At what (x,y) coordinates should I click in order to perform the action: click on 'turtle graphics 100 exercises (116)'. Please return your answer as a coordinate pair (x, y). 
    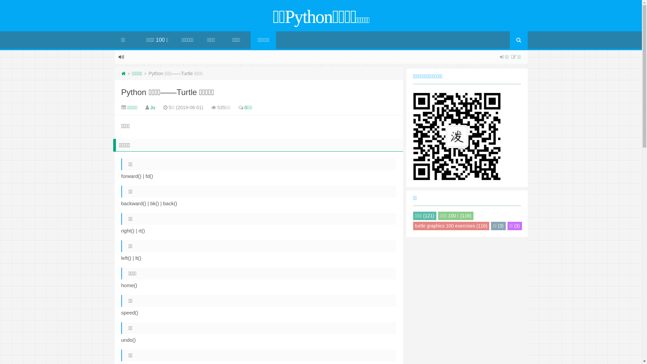
    Looking at the image, I should click on (451, 226).